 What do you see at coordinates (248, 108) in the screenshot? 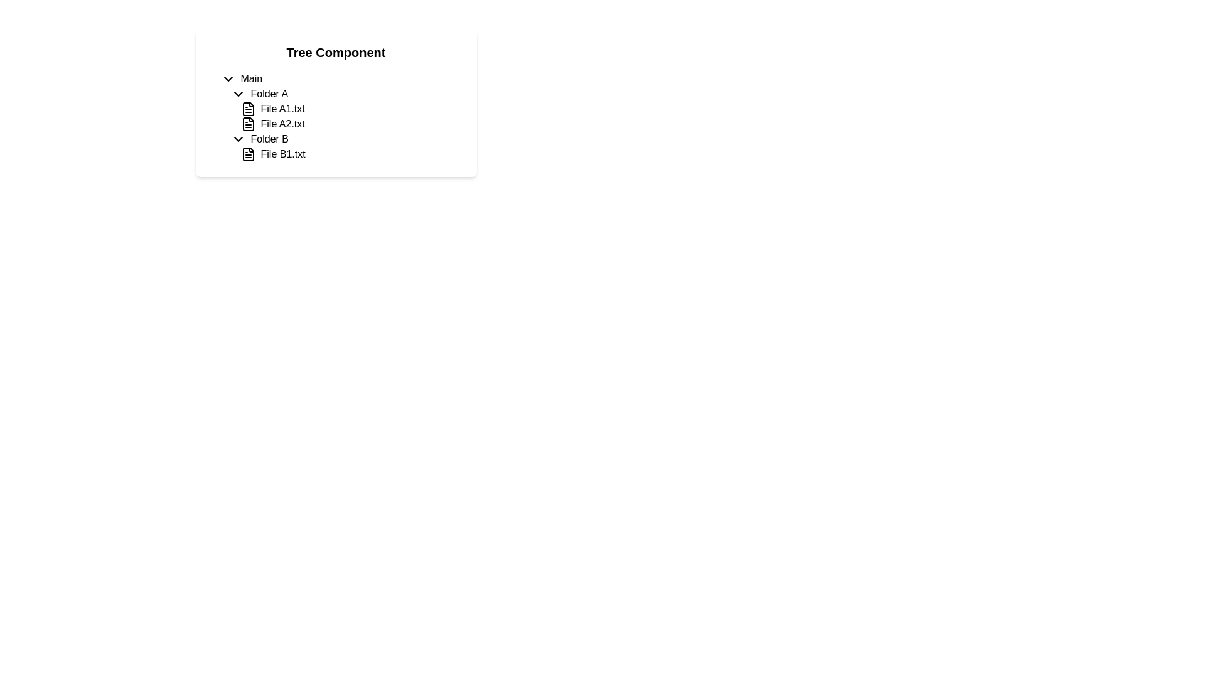
I see `the file icon for 'File A1.txt' in the tree view component, which is the first icon in the 'Folder A' section` at bounding box center [248, 108].